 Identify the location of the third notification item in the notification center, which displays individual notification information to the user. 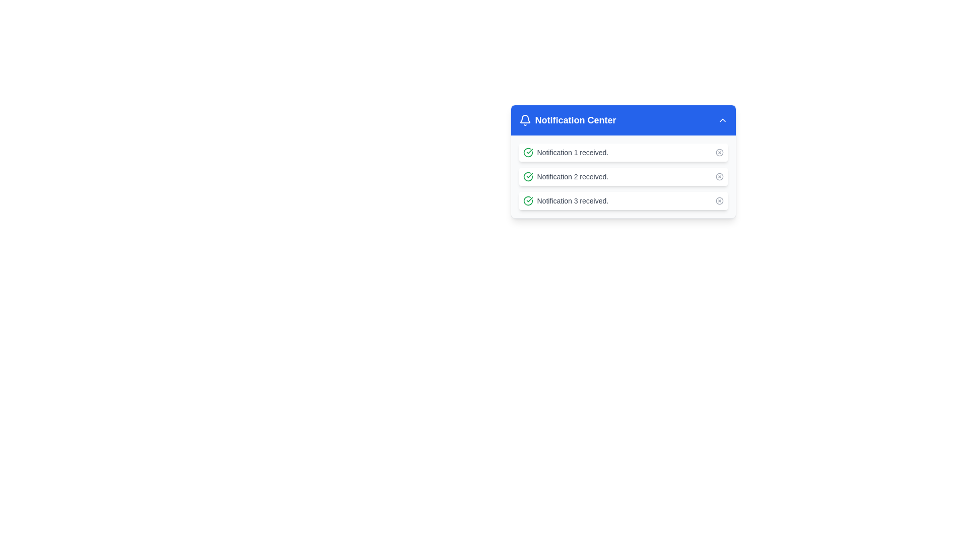
(623, 200).